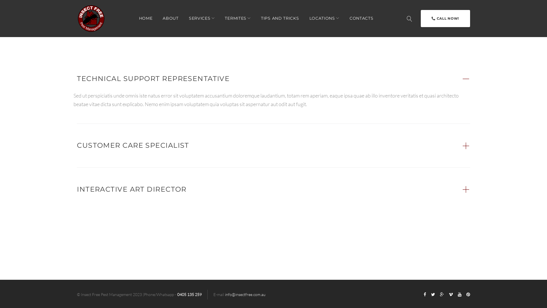 The width and height of the screenshot is (547, 308). Describe the element at coordinates (425, 295) in the screenshot. I see `'Facebook'` at that location.